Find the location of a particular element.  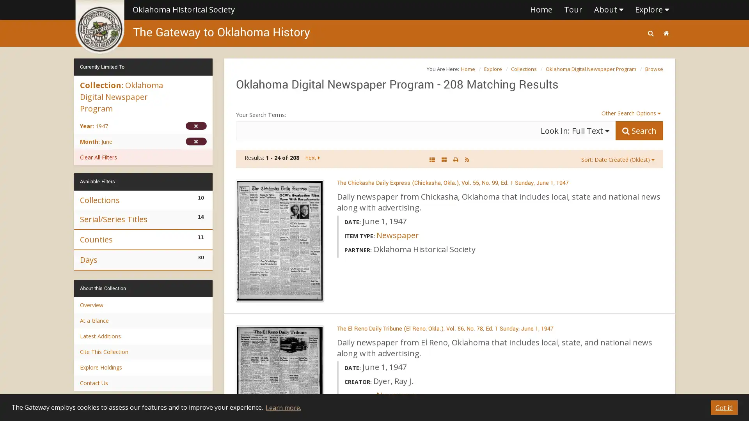

dismiss cookie message is located at coordinates (724, 407).